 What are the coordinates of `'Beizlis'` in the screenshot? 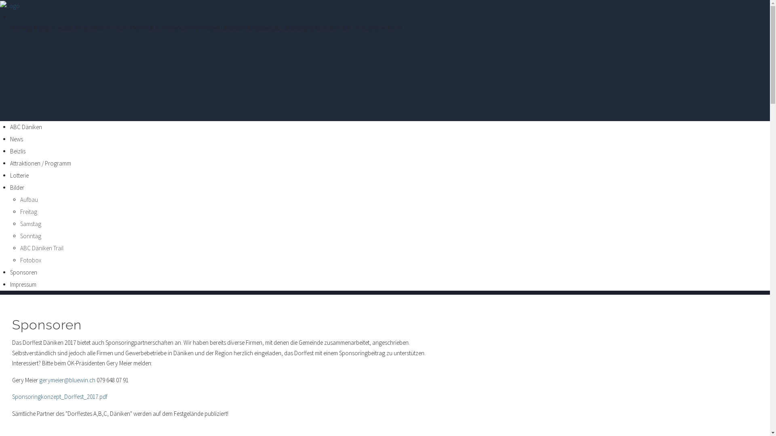 It's located at (17, 151).